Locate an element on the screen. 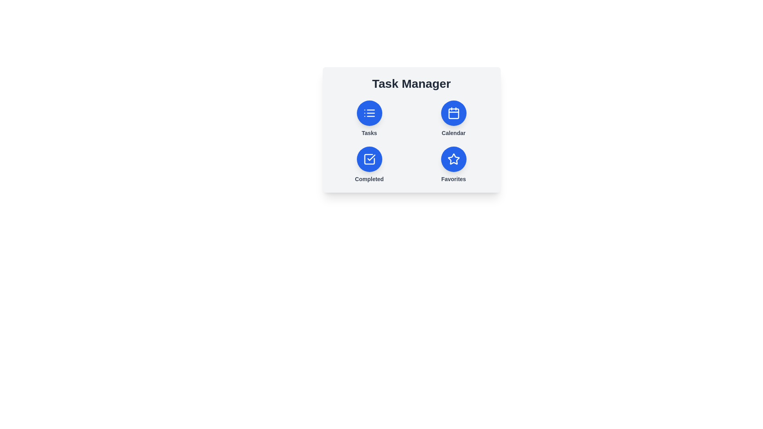  the 'Tasks' icon located in the top-left quadrant of the button layout is located at coordinates (369, 113).